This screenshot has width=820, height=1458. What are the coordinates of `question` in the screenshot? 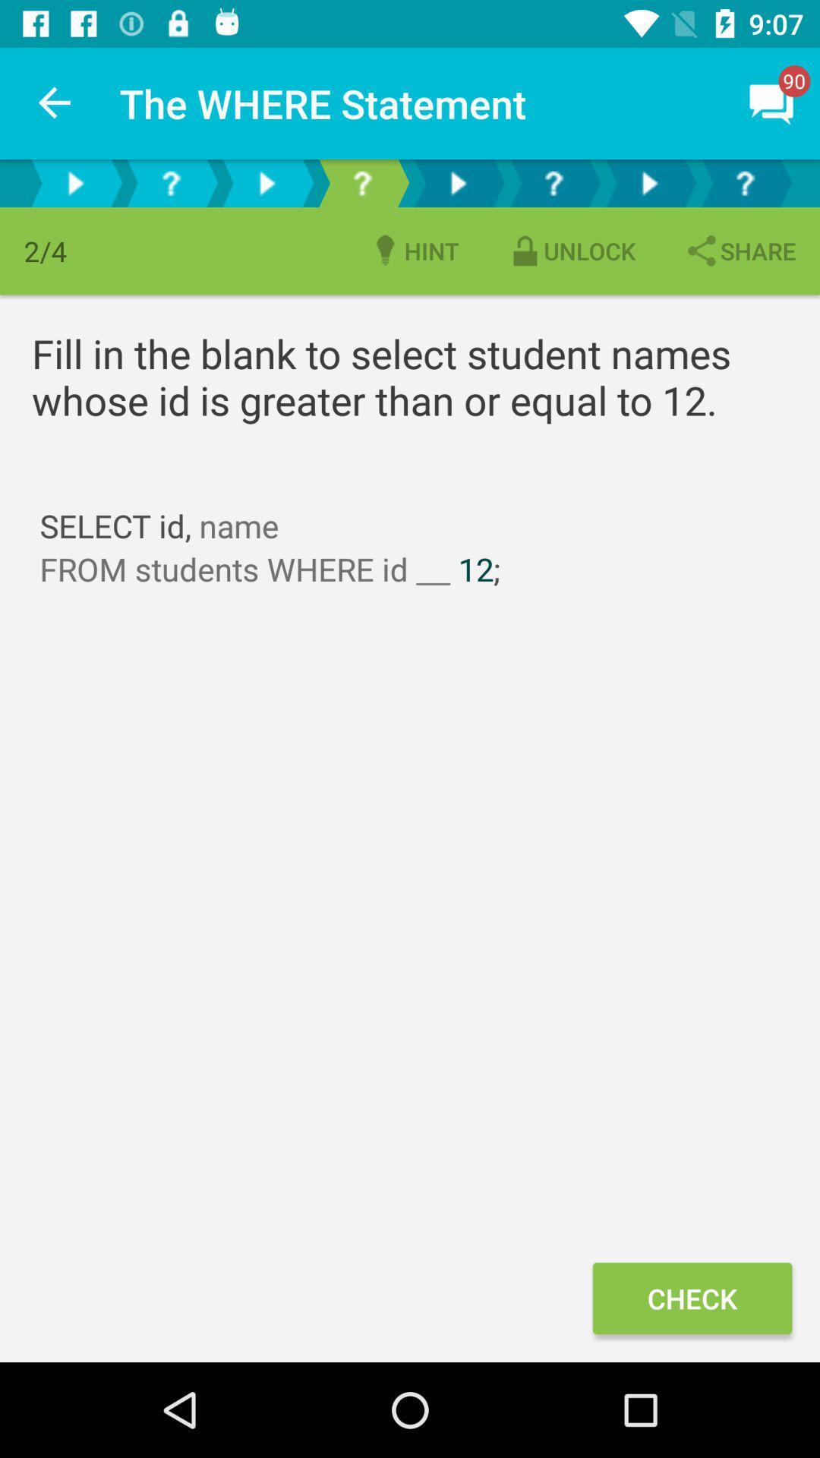 It's located at (170, 182).